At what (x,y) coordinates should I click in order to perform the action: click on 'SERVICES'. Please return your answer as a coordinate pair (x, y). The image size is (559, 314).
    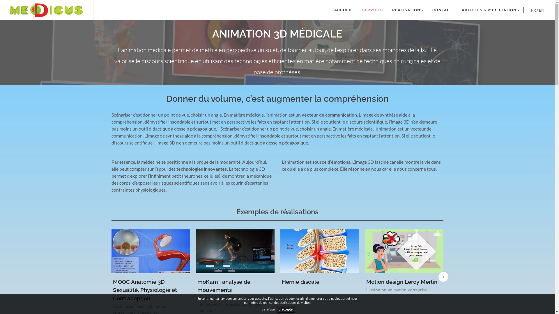
    Looking at the image, I should click on (372, 10).